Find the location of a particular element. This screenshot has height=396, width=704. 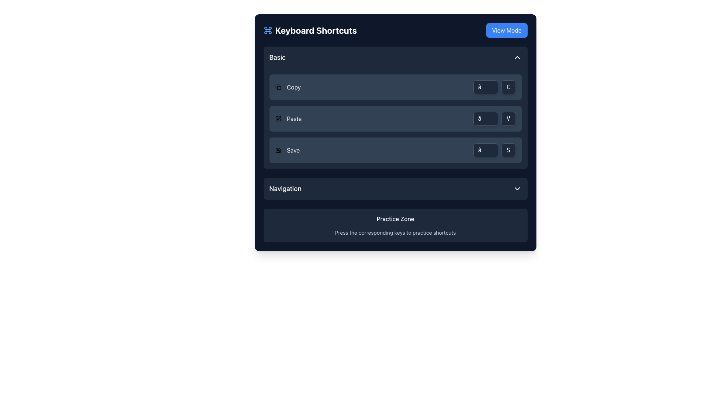

the 'Copy' icon located in the 'Basic' section of the keyboard shortcuts interface by moving the cursor to its center point is located at coordinates (277, 86).